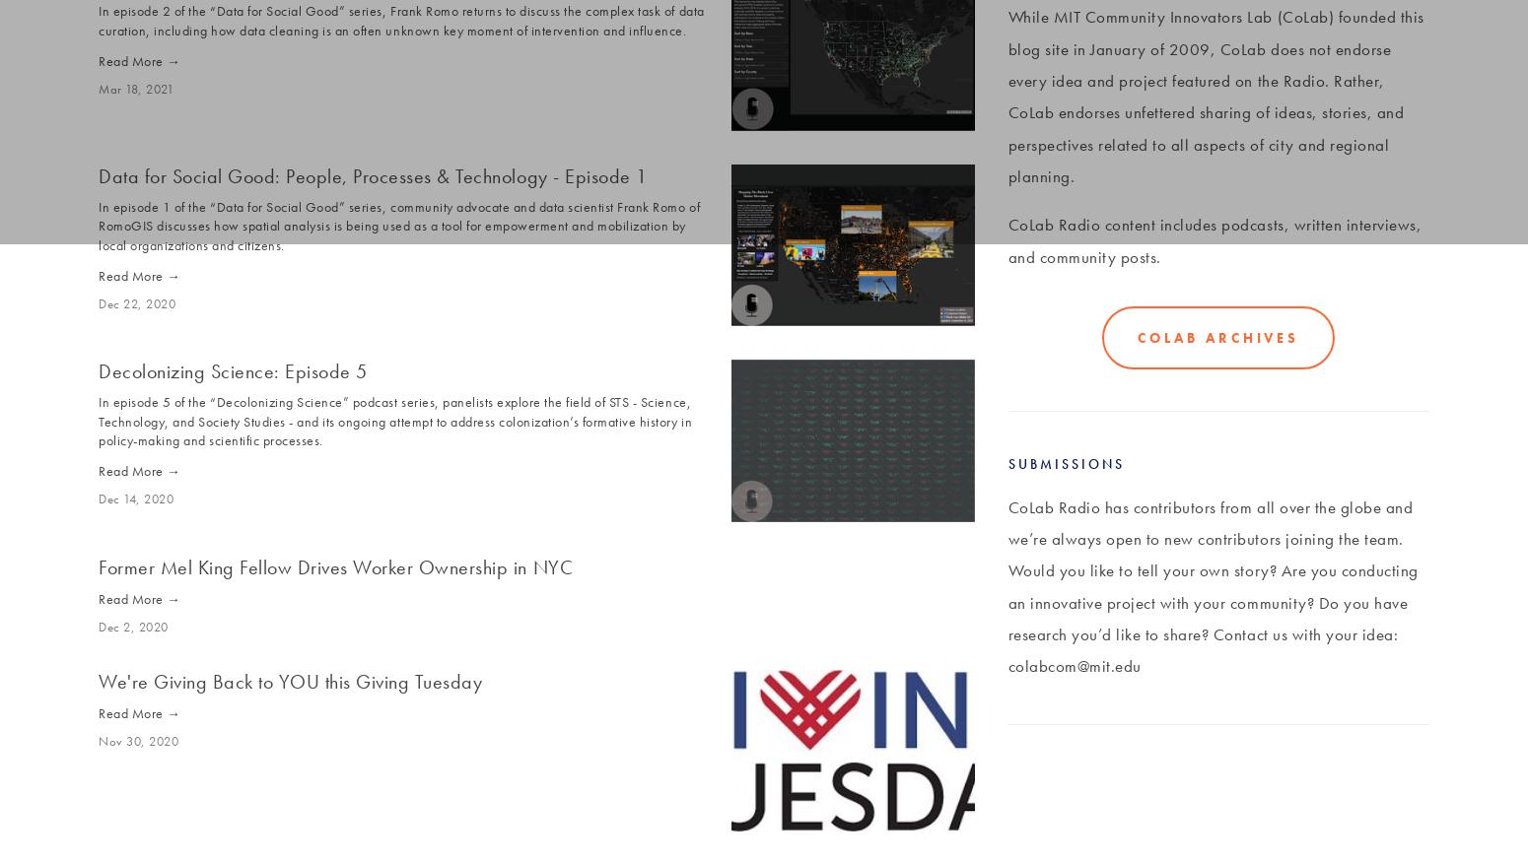 This screenshot has width=1528, height=863. Describe the element at coordinates (1066, 461) in the screenshot. I see `'Submissions'` at that location.